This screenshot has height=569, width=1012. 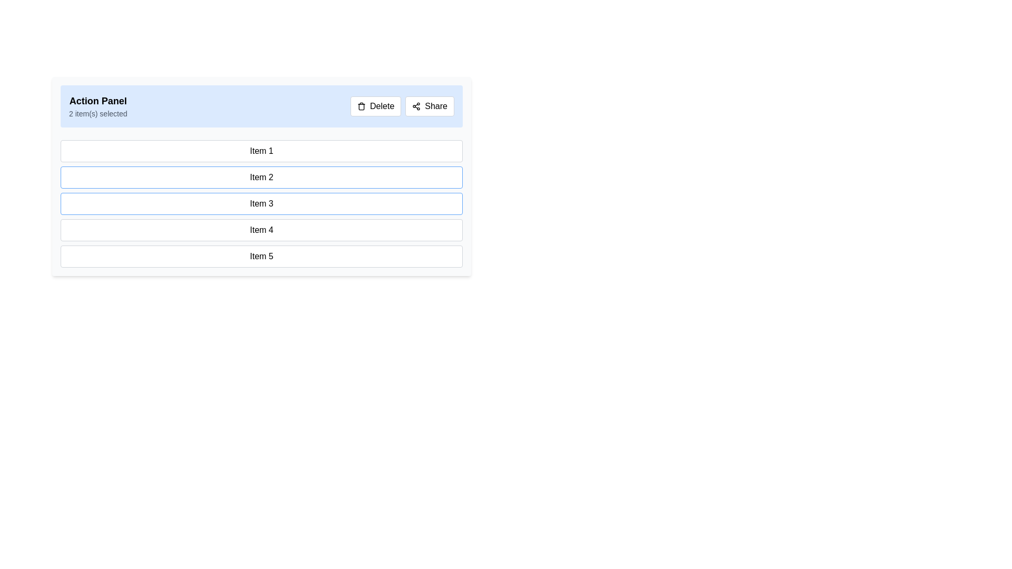 I want to click on the static text label indicating that two items have been selected, located on the upper-left side of the light blue header panel, so click(x=98, y=106).